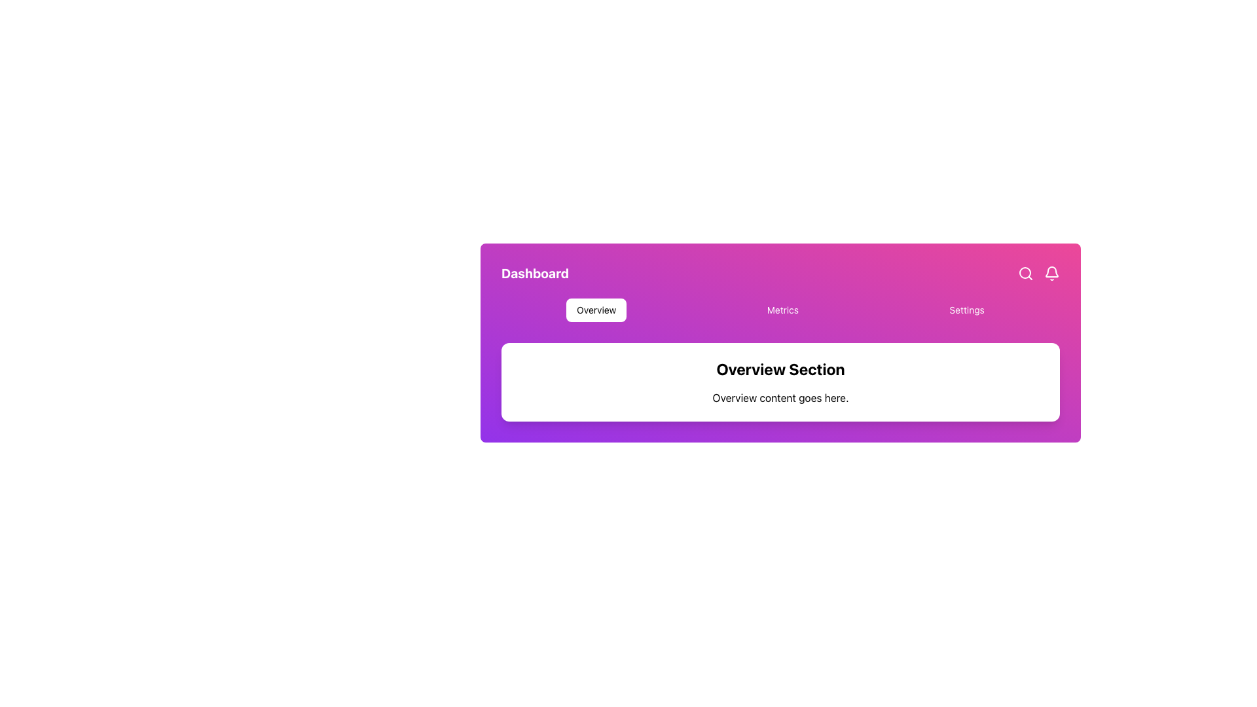 This screenshot has width=1257, height=707. What do you see at coordinates (780, 342) in the screenshot?
I see `the navigation buttons 'Overview', 'Metrics', or 'Settings' in the central navigation and content section located below the 'Dashboard' header` at bounding box center [780, 342].